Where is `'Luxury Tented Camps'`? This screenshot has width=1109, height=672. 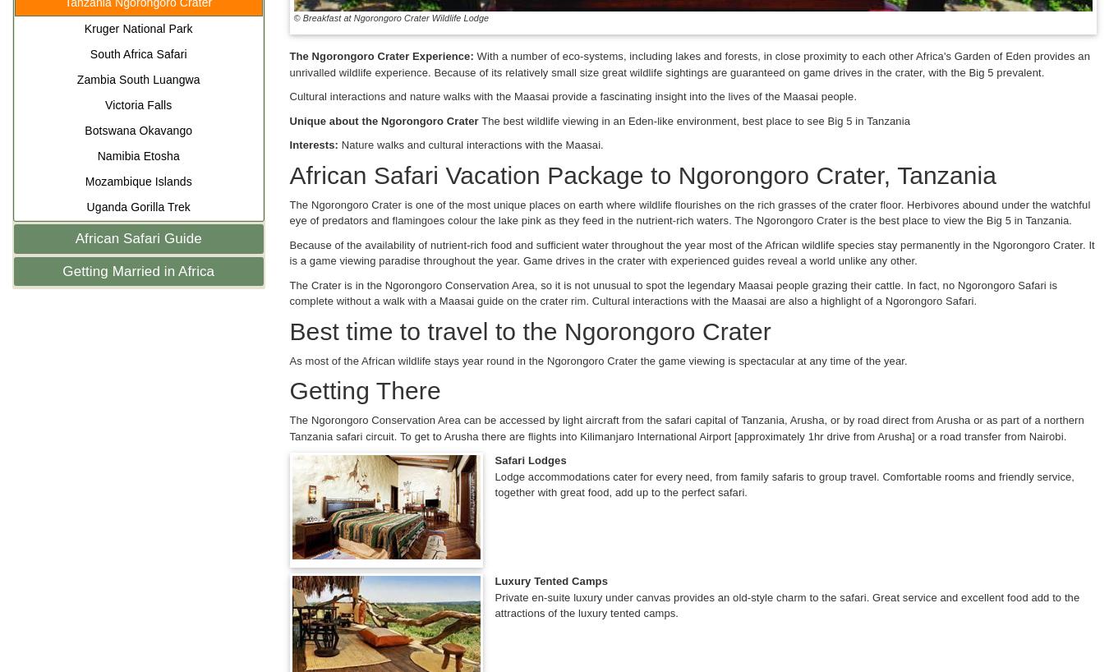
'Luxury Tented Camps' is located at coordinates (550, 580).